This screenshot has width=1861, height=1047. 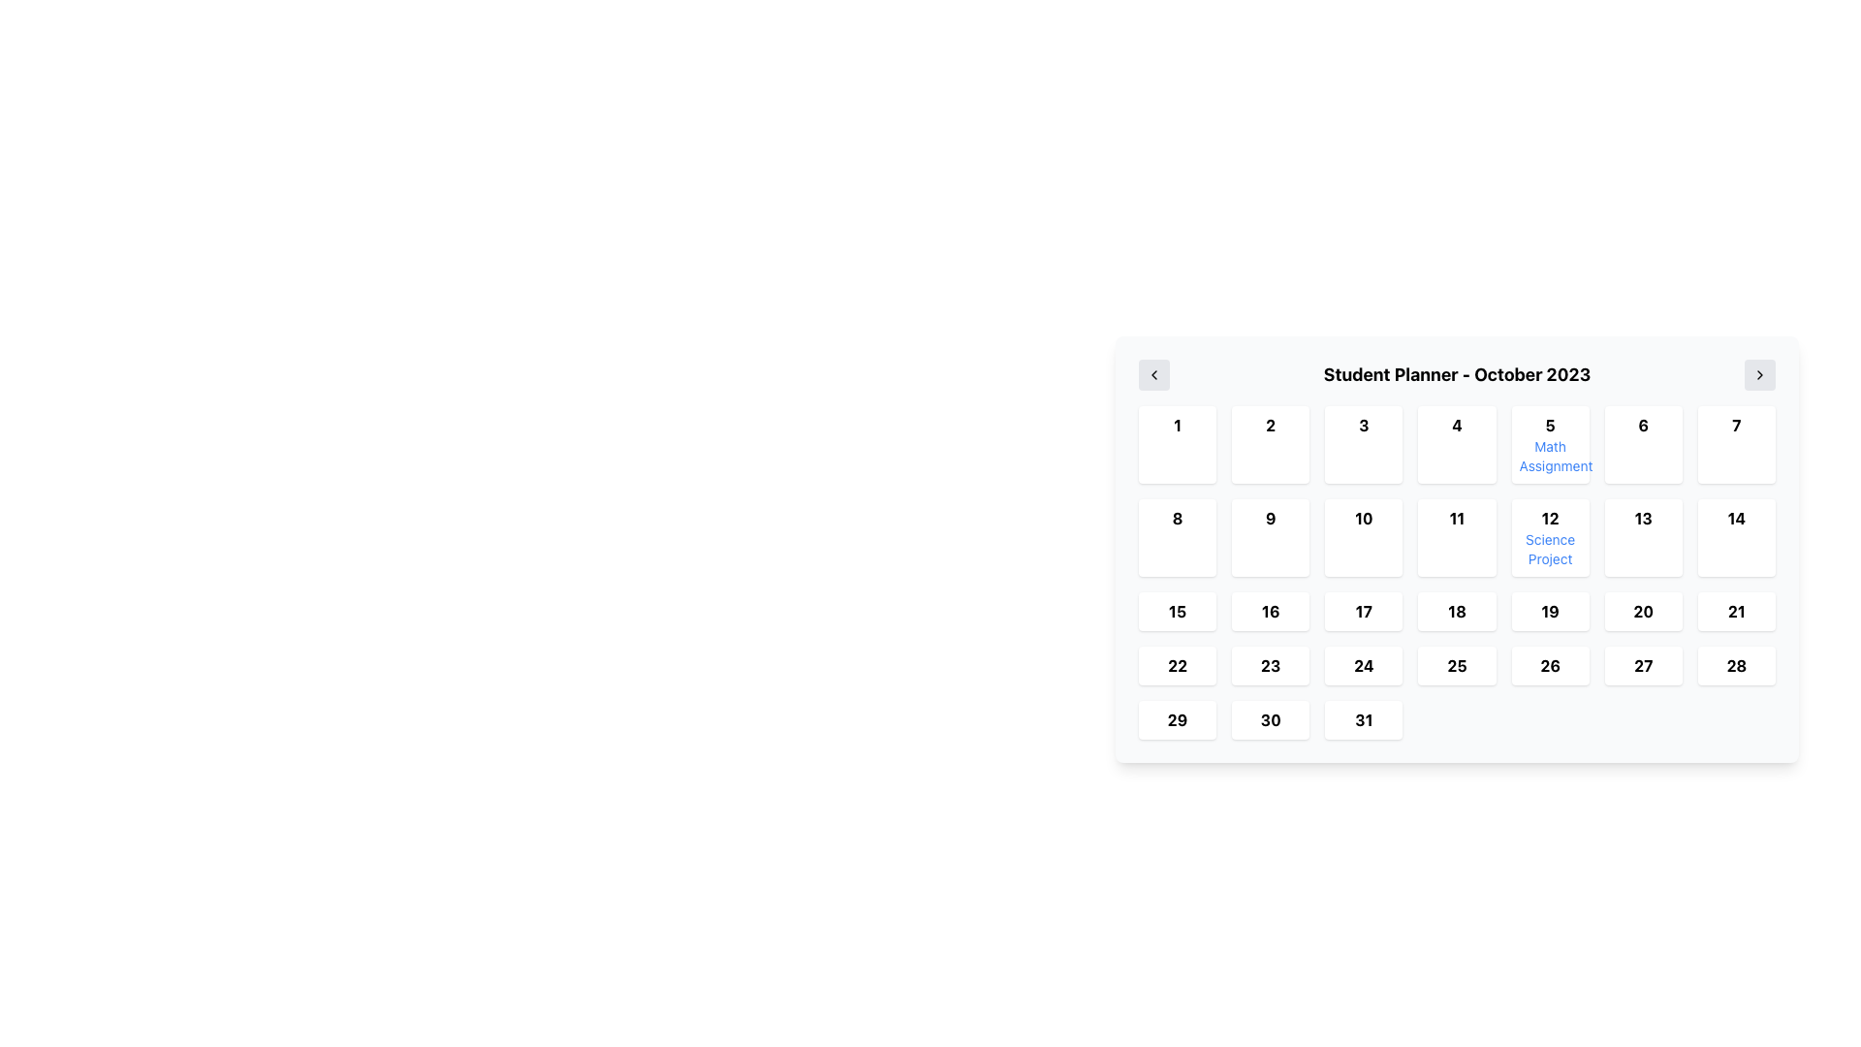 I want to click on the static visual element representing the date 26 in the bottom row of the calendar grid, so click(x=1549, y=664).